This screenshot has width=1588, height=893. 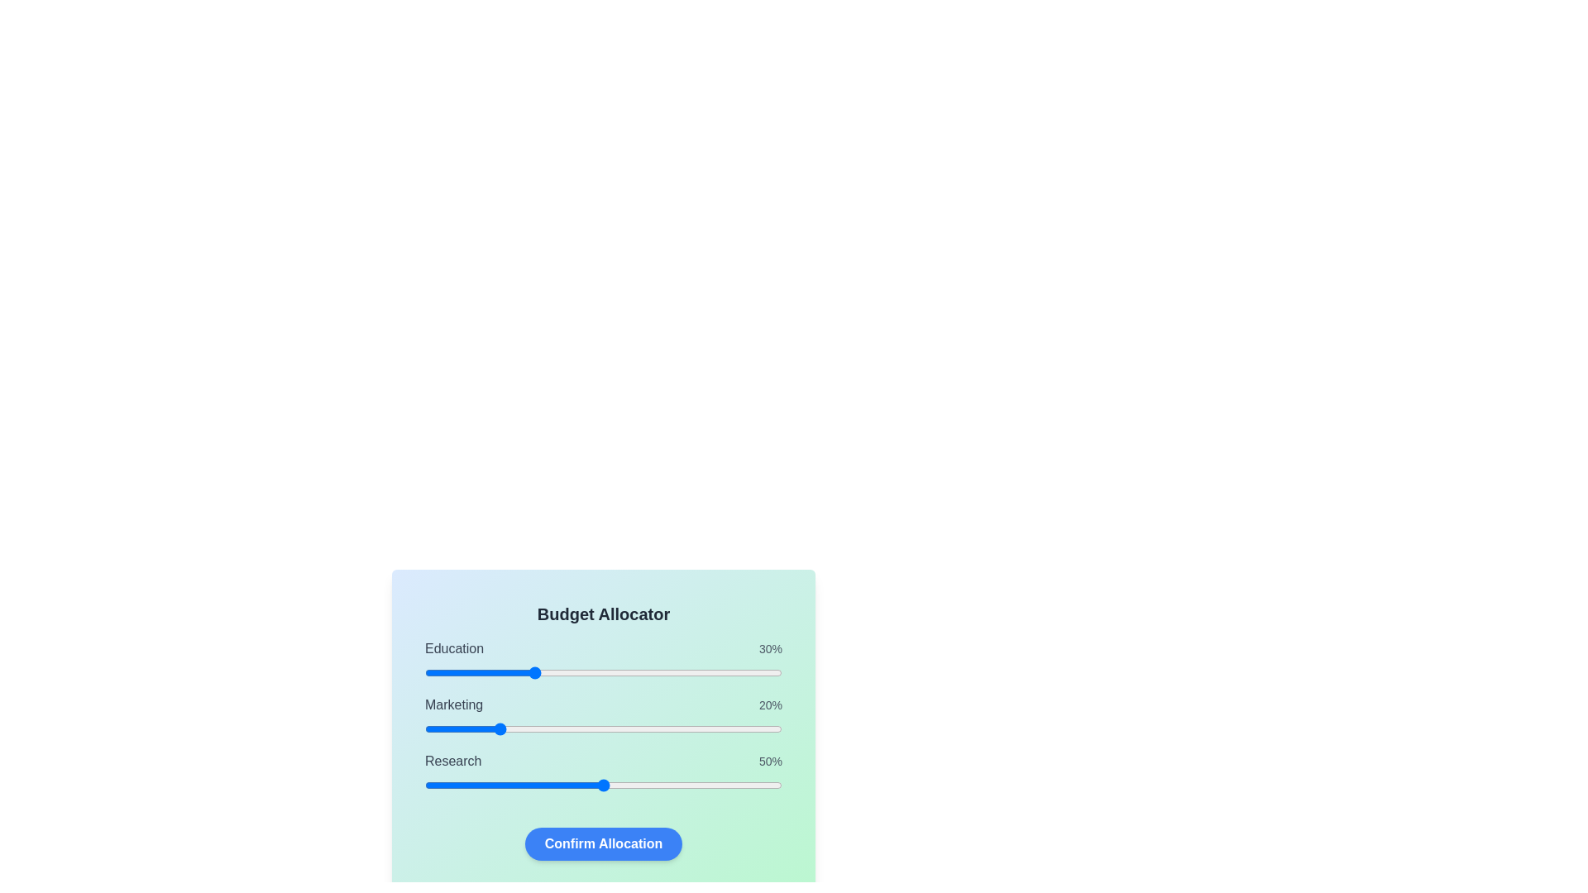 I want to click on the Marketing allocation slider to 71%, so click(x=678, y=728).